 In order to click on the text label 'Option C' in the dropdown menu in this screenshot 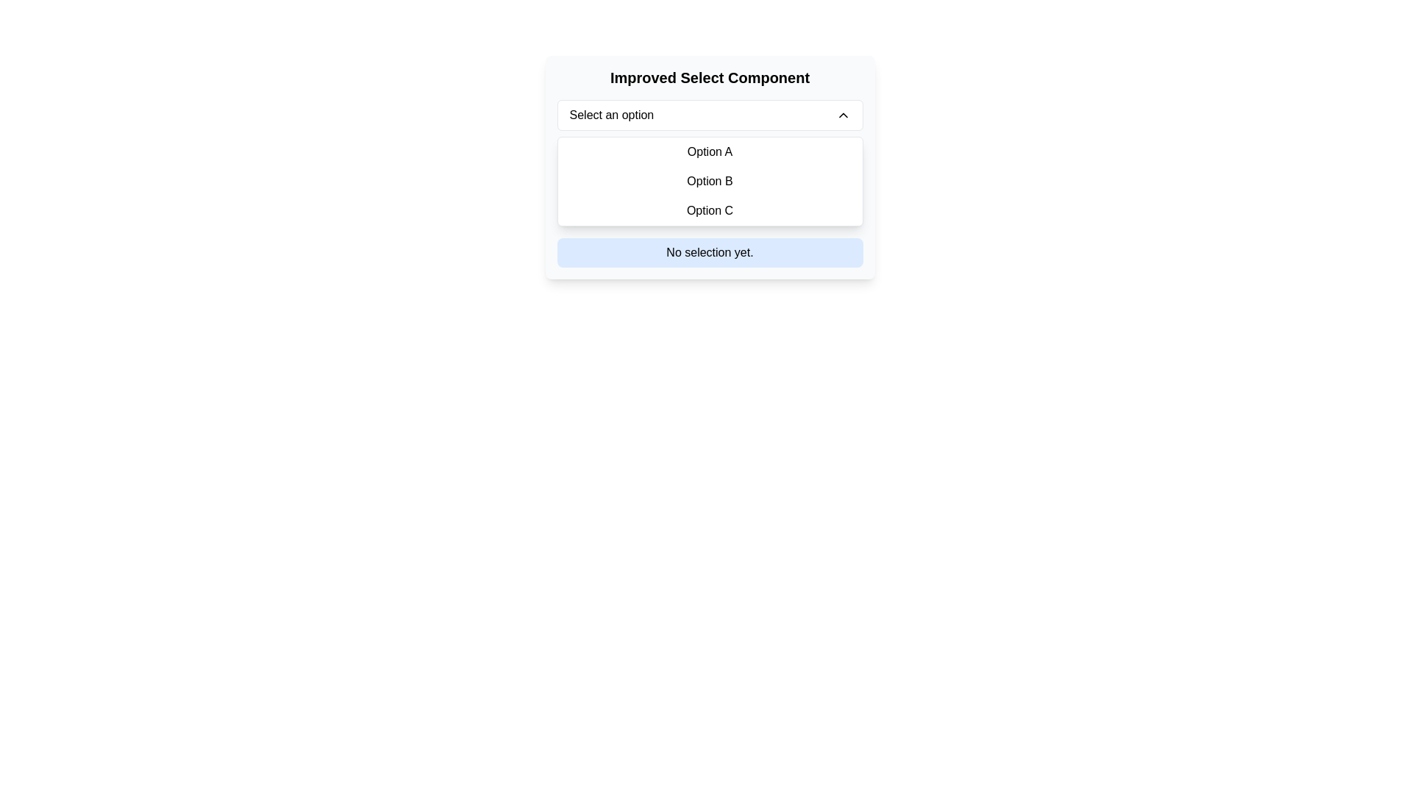, I will do `click(710, 210)`.